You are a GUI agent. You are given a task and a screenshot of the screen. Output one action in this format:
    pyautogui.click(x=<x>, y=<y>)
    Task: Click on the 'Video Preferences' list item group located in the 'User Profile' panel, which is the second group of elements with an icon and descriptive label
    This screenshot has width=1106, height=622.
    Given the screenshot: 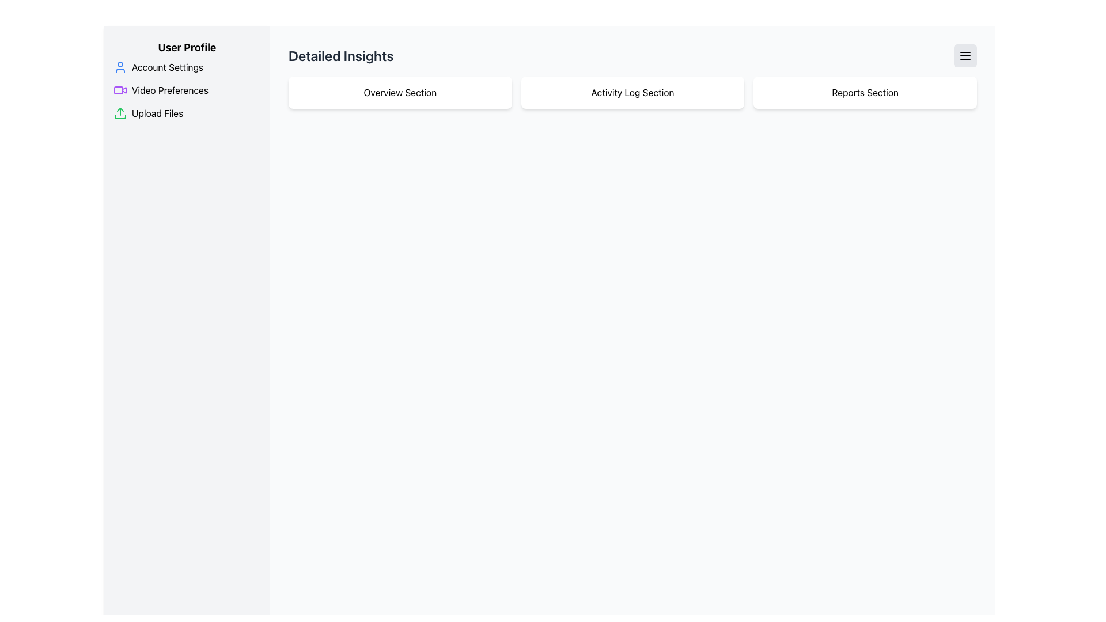 What is the action you would take?
    pyautogui.click(x=187, y=90)
    